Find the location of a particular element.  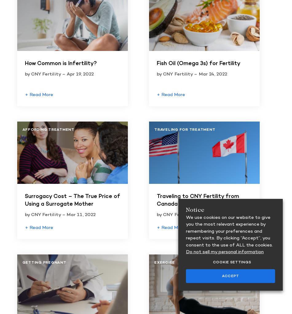

'How Common is Infertility?' is located at coordinates (24, 63).